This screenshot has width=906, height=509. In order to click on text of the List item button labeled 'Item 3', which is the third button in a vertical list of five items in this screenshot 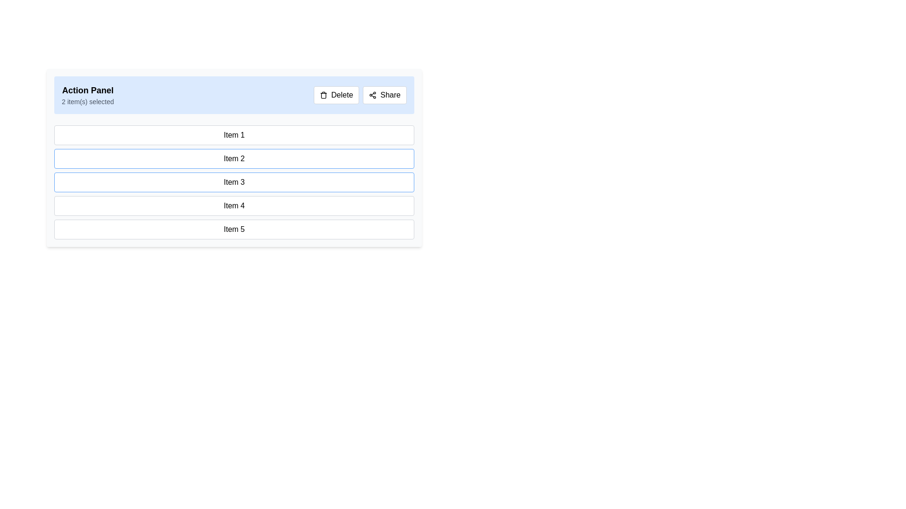, I will do `click(234, 182)`.